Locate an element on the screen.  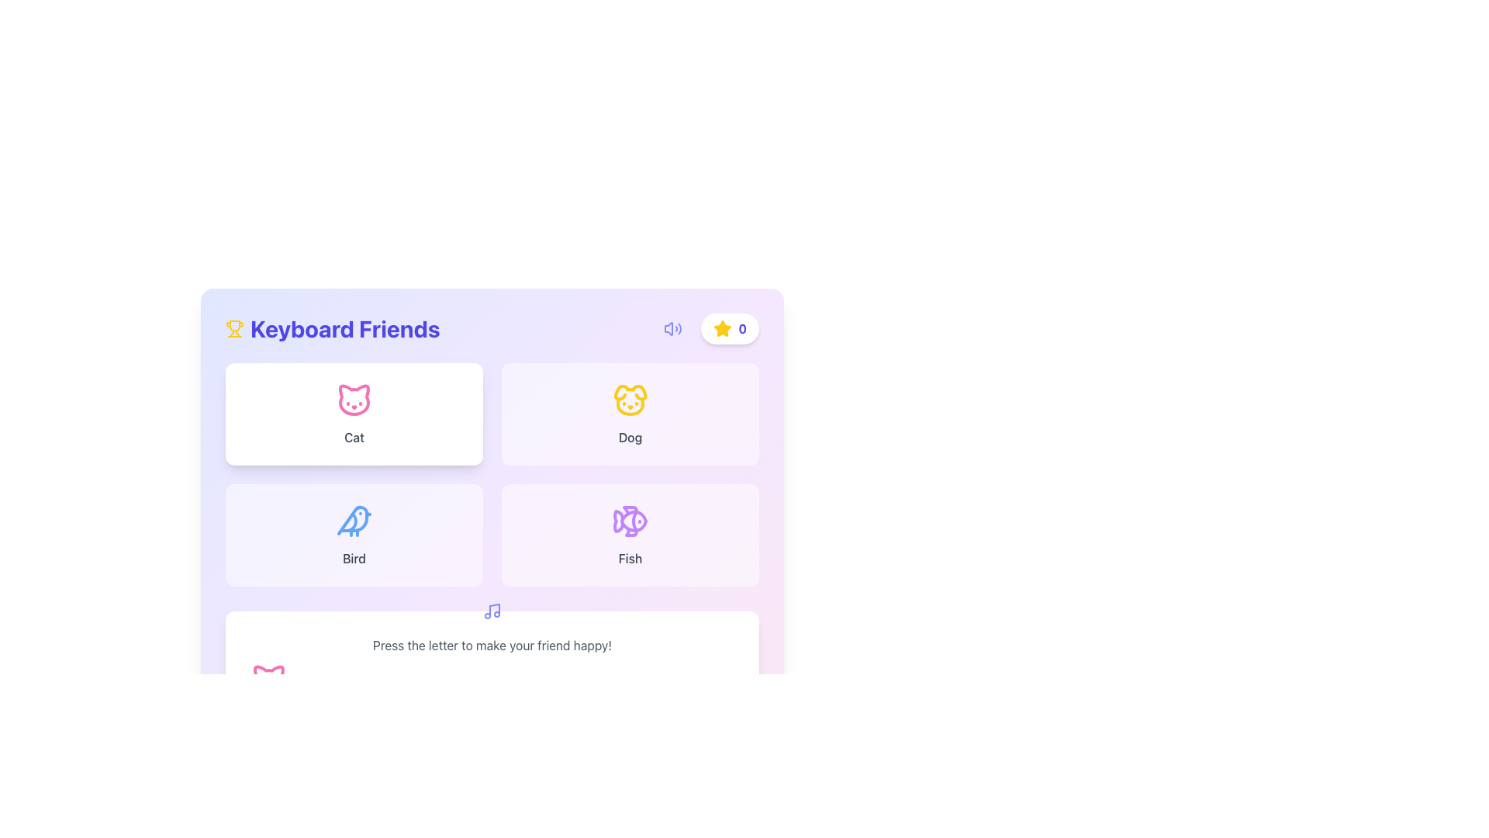
the decorative fish category icon located at the bottom-right of the 'Fish' card within the 2x2 grid layout is located at coordinates (630, 521).